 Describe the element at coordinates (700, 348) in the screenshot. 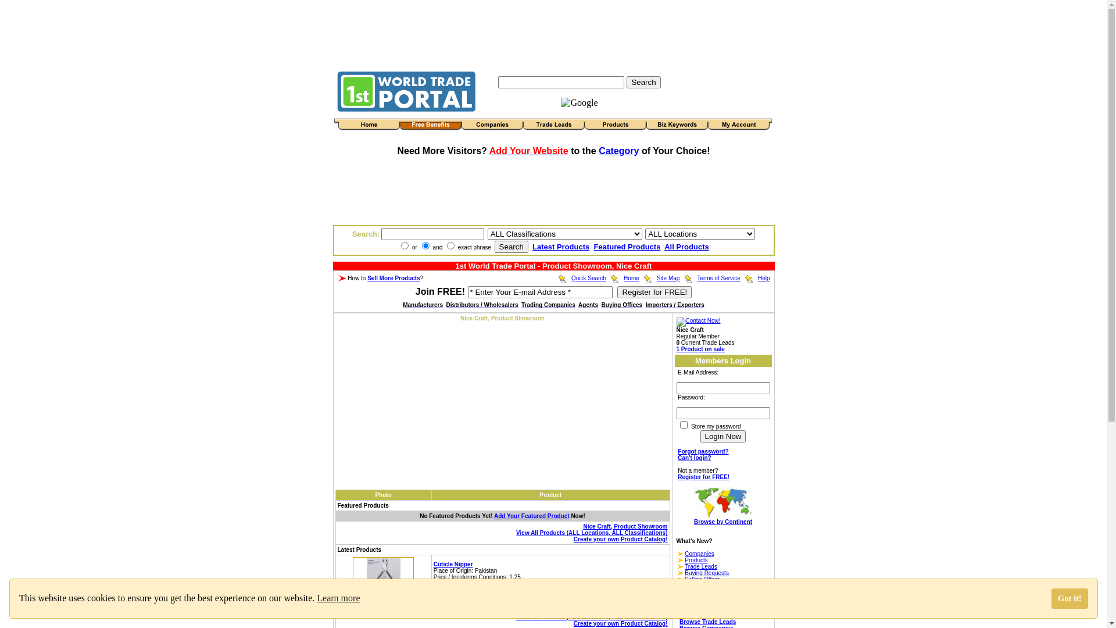

I see `'1 Product on sale'` at that location.